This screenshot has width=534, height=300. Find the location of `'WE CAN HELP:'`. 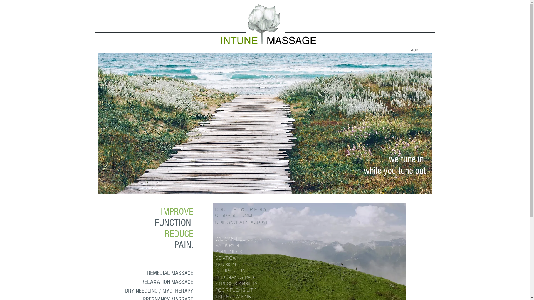

'WE CAN HELP:' is located at coordinates (232, 238).